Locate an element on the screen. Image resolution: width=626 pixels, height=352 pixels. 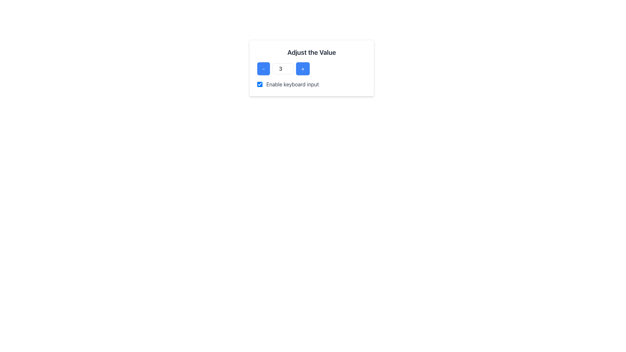
the first square blue button containing the '-' symbol, located within the 'Adjust the Value' panel is located at coordinates (263, 69).